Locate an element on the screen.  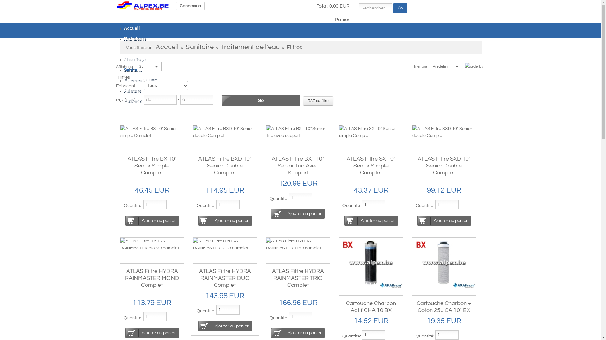
'ATLAS Filtre HYDRA RAINMASTER TRIO Complet' is located at coordinates (272, 278).